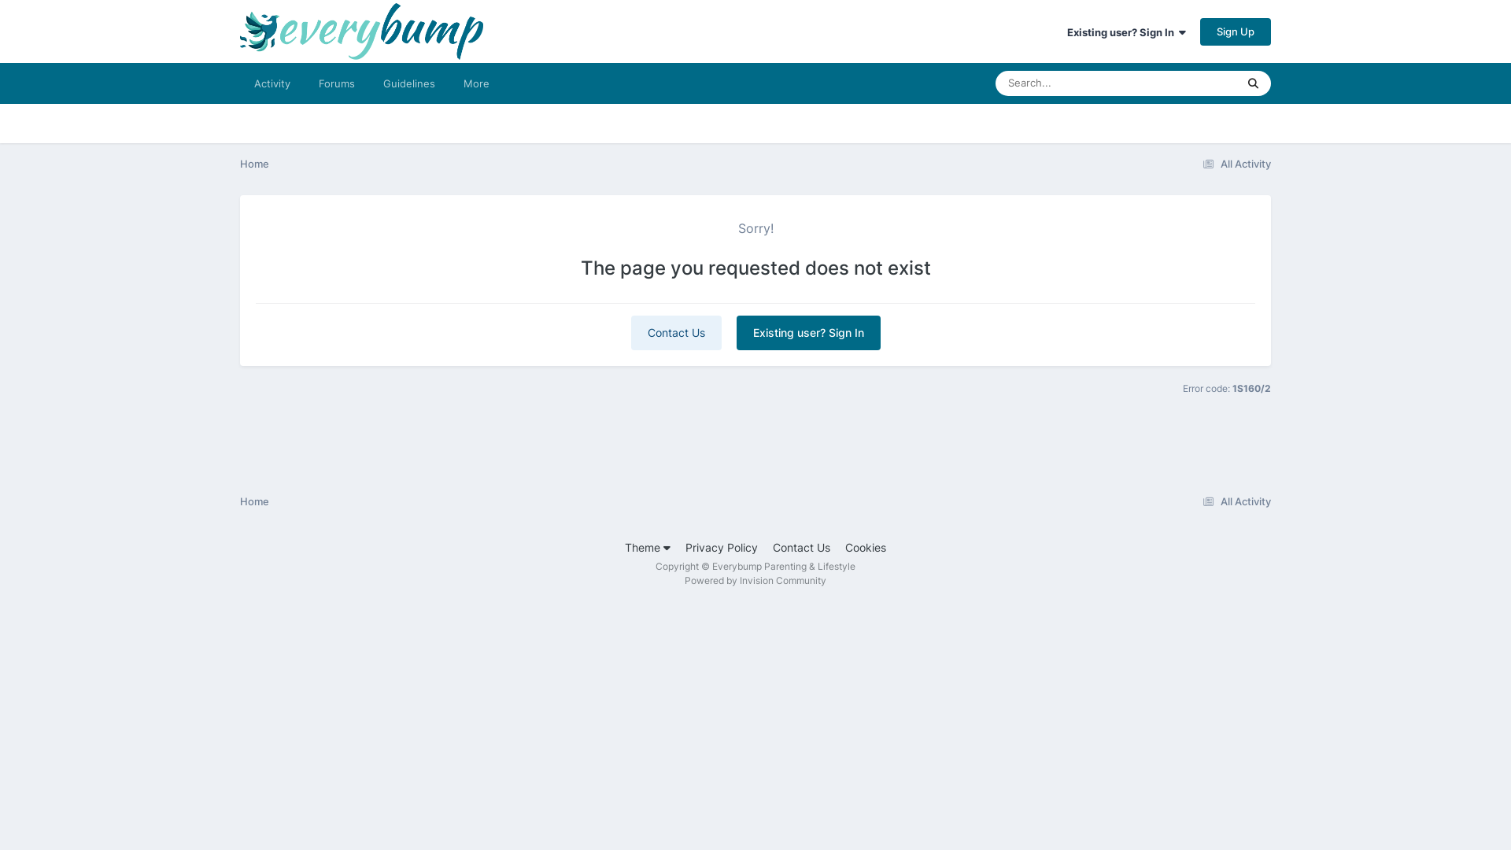 Image resolution: width=1511 pixels, height=850 pixels. I want to click on 'All Activity', so click(1196, 164).